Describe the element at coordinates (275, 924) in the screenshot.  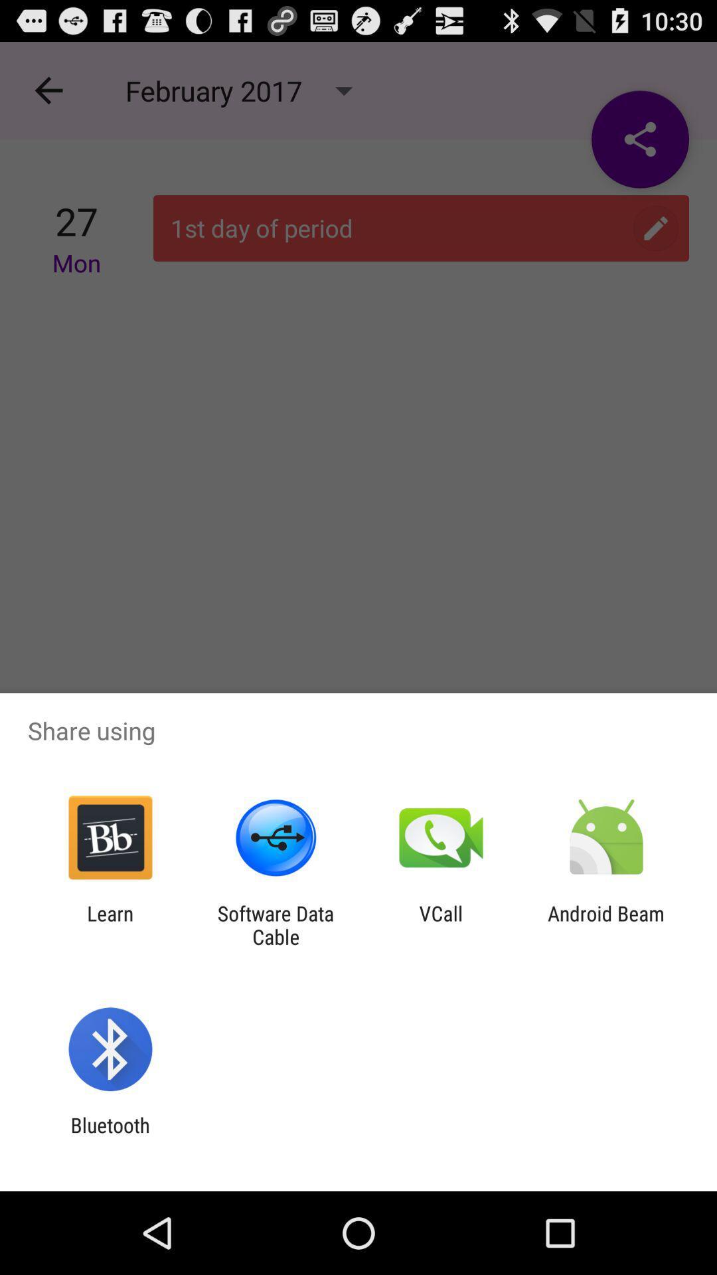
I see `the item next to the vcall item` at that location.